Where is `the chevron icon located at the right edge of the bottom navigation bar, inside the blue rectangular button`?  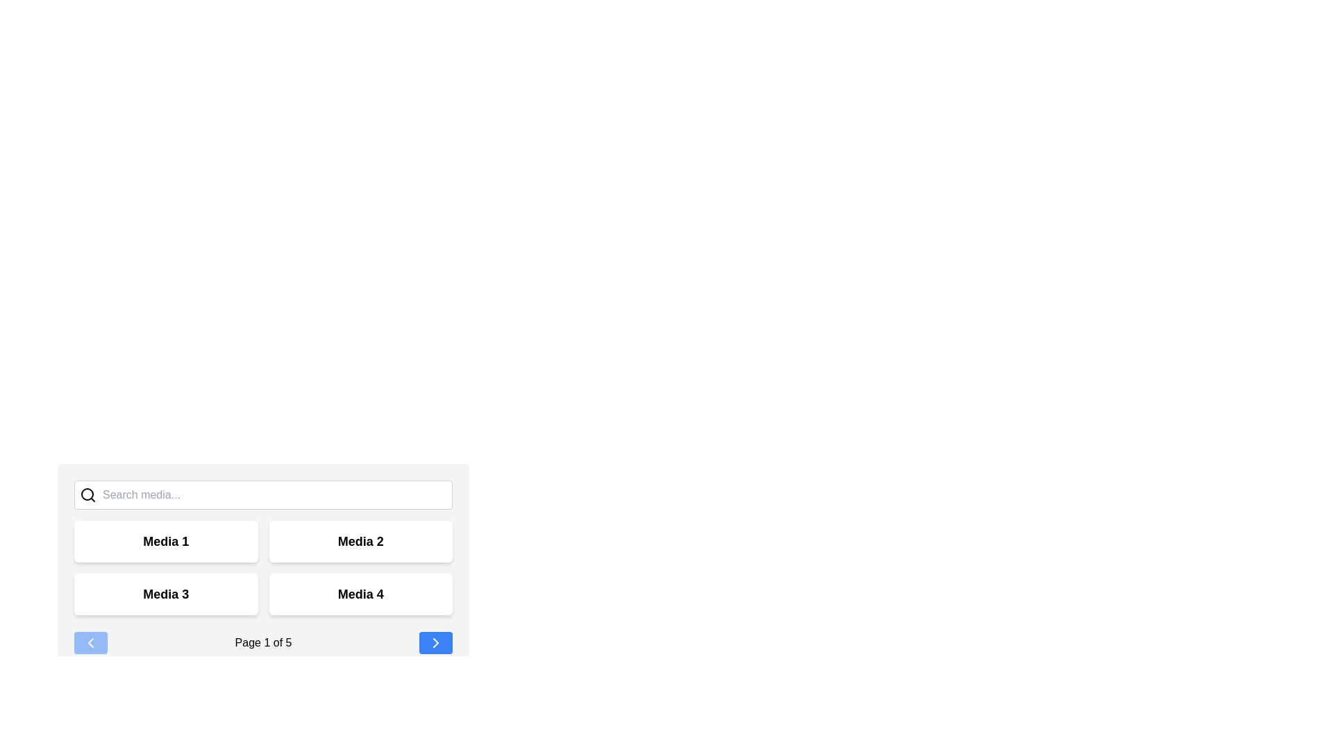
the chevron icon located at the right edge of the bottom navigation bar, inside the blue rectangular button is located at coordinates (435, 642).